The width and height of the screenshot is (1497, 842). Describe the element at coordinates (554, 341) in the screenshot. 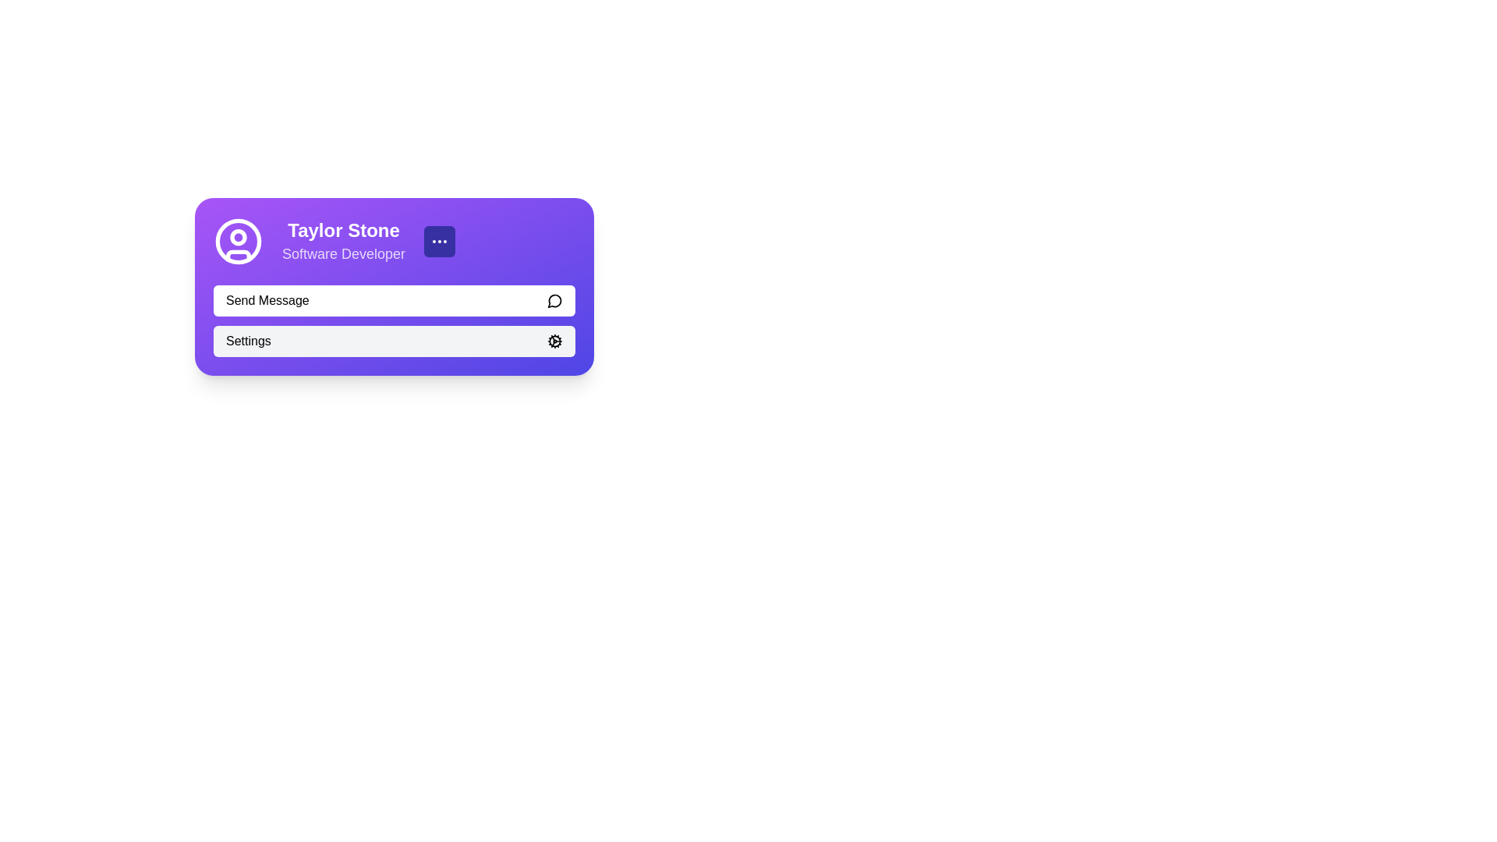

I see `the central circular part of the settings cog icon, which is located at the far right end of the 'Settings' button` at that location.